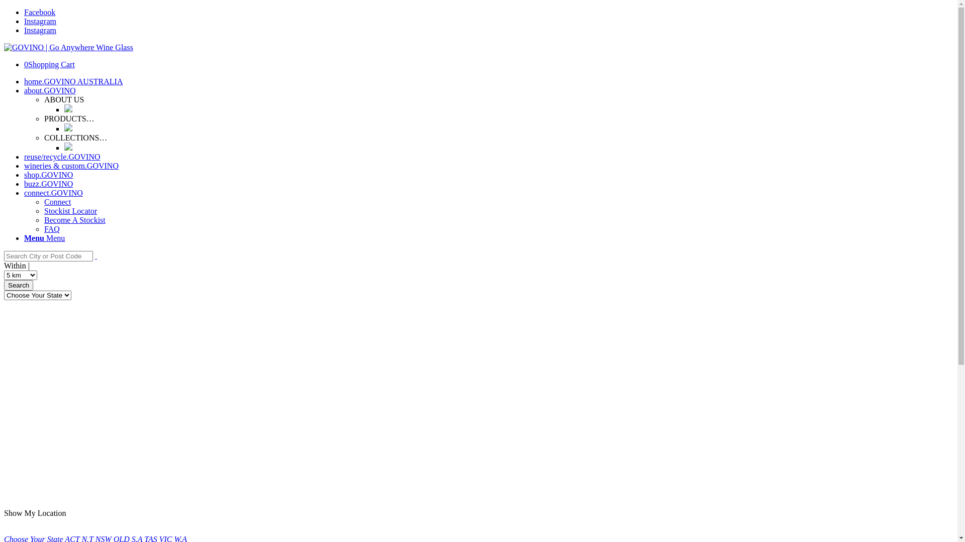  What do you see at coordinates (74, 219) in the screenshot?
I see `'Become A Stockist'` at bounding box center [74, 219].